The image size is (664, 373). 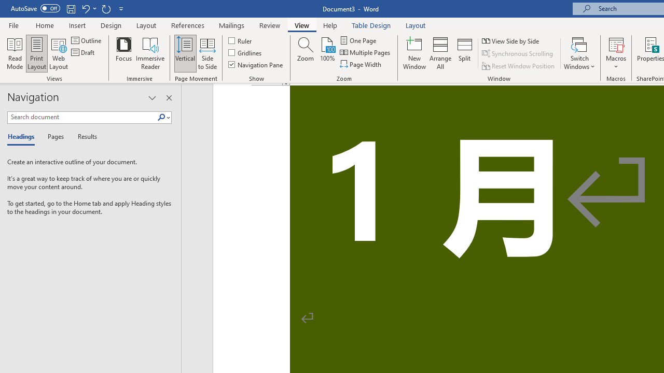 What do you see at coordinates (84, 137) in the screenshot?
I see `'Results'` at bounding box center [84, 137].